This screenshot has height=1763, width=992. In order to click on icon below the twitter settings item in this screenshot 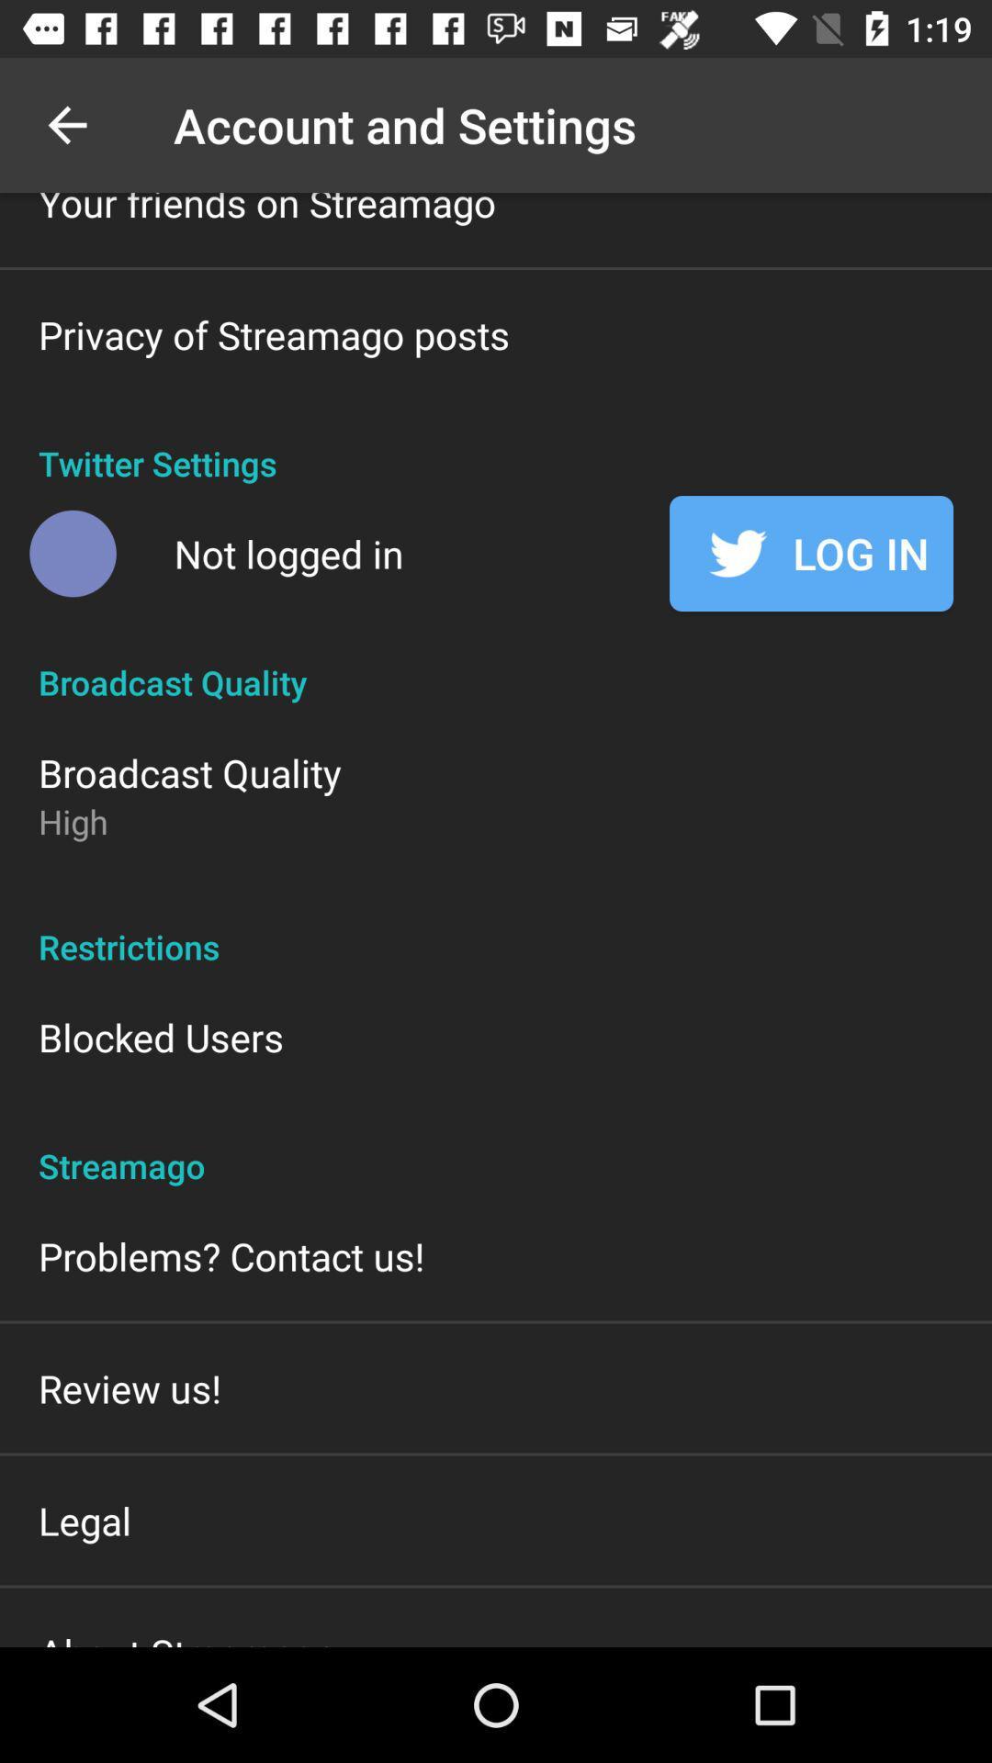, I will do `click(288, 553)`.